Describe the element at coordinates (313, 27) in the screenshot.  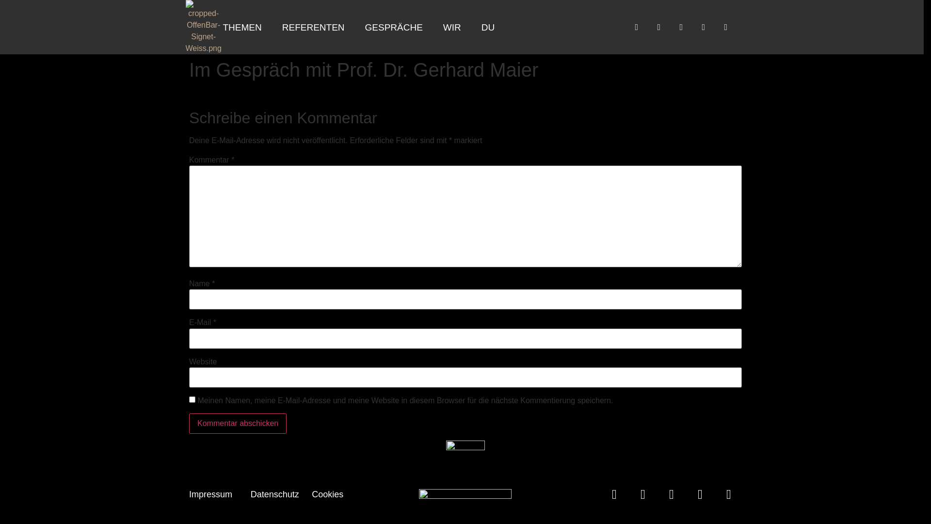
I see `'REFERENTEN'` at that location.